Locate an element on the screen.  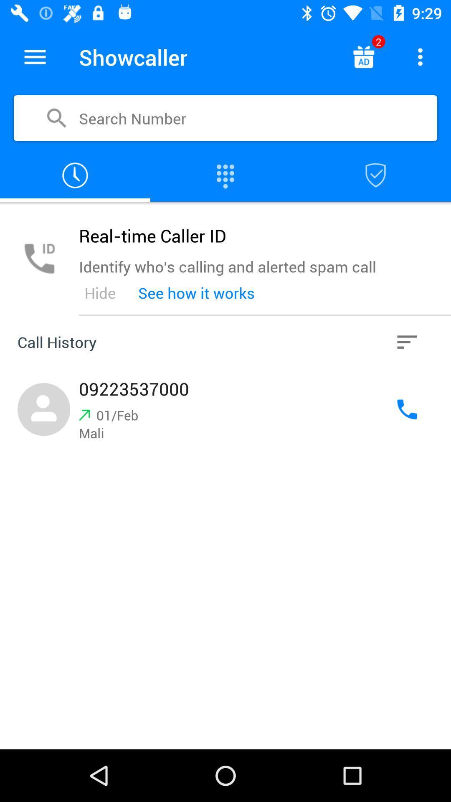
more options is located at coordinates (420, 56).